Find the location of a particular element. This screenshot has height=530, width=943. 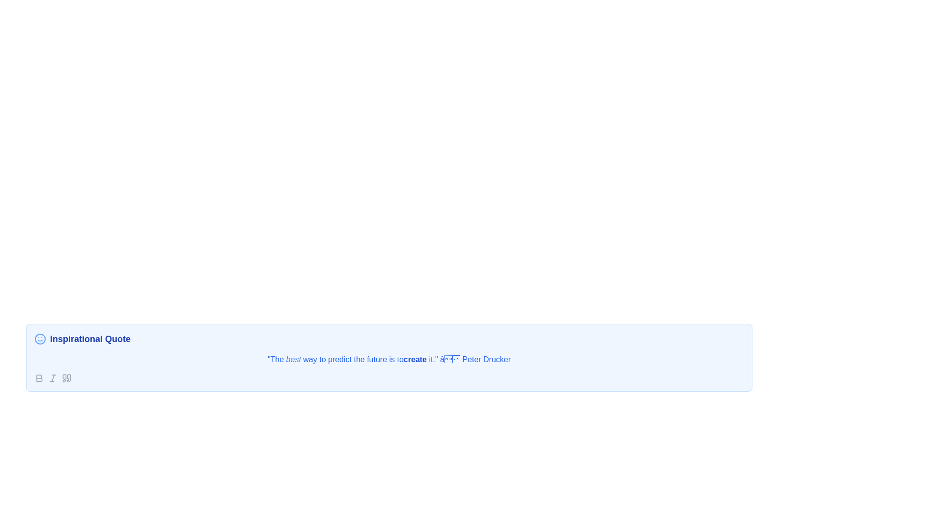

the text element that emphasizes the word 'best' in the quote 'The best way to predict the future...' is located at coordinates (293, 359).